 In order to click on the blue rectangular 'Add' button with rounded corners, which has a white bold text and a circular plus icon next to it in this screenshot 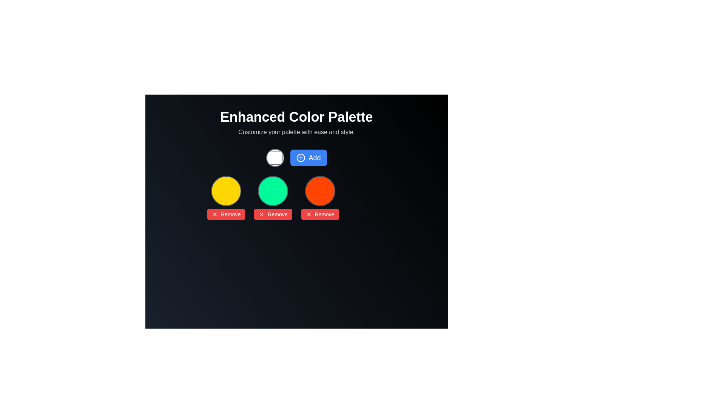, I will do `click(309, 158)`.